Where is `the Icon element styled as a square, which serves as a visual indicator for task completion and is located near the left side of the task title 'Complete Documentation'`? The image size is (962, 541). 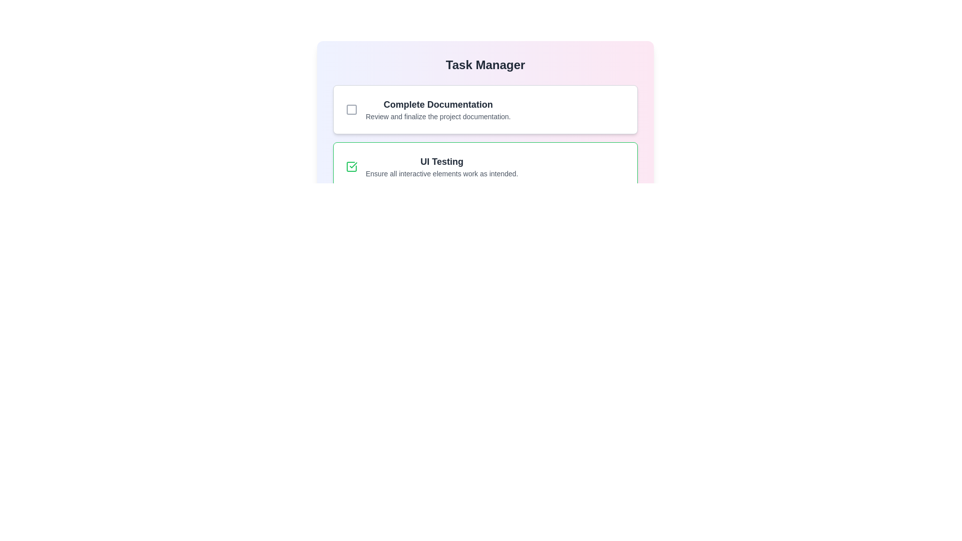 the Icon element styled as a square, which serves as a visual indicator for task completion and is located near the left side of the task title 'Complete Documentation' is located at coordinates (351, 110).